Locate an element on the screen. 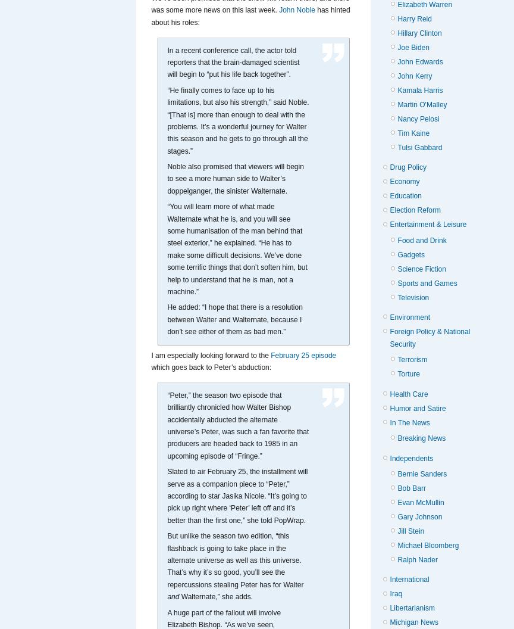 This screenshot has width=514, height=629. 'Elizabeth Warren' is located at coordinates (425, 4).